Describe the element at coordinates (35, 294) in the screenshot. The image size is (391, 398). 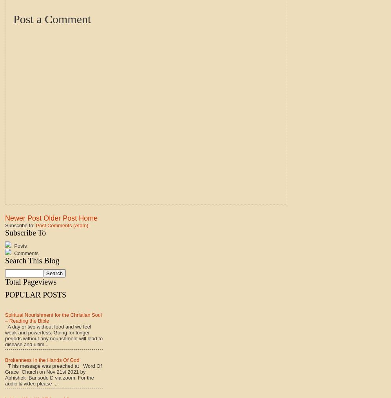
I see `'POPULAR POSTS'` at that location.